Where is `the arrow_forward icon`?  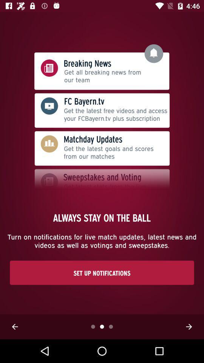 the arrow_forward icon is located at coordinates (189, 326).